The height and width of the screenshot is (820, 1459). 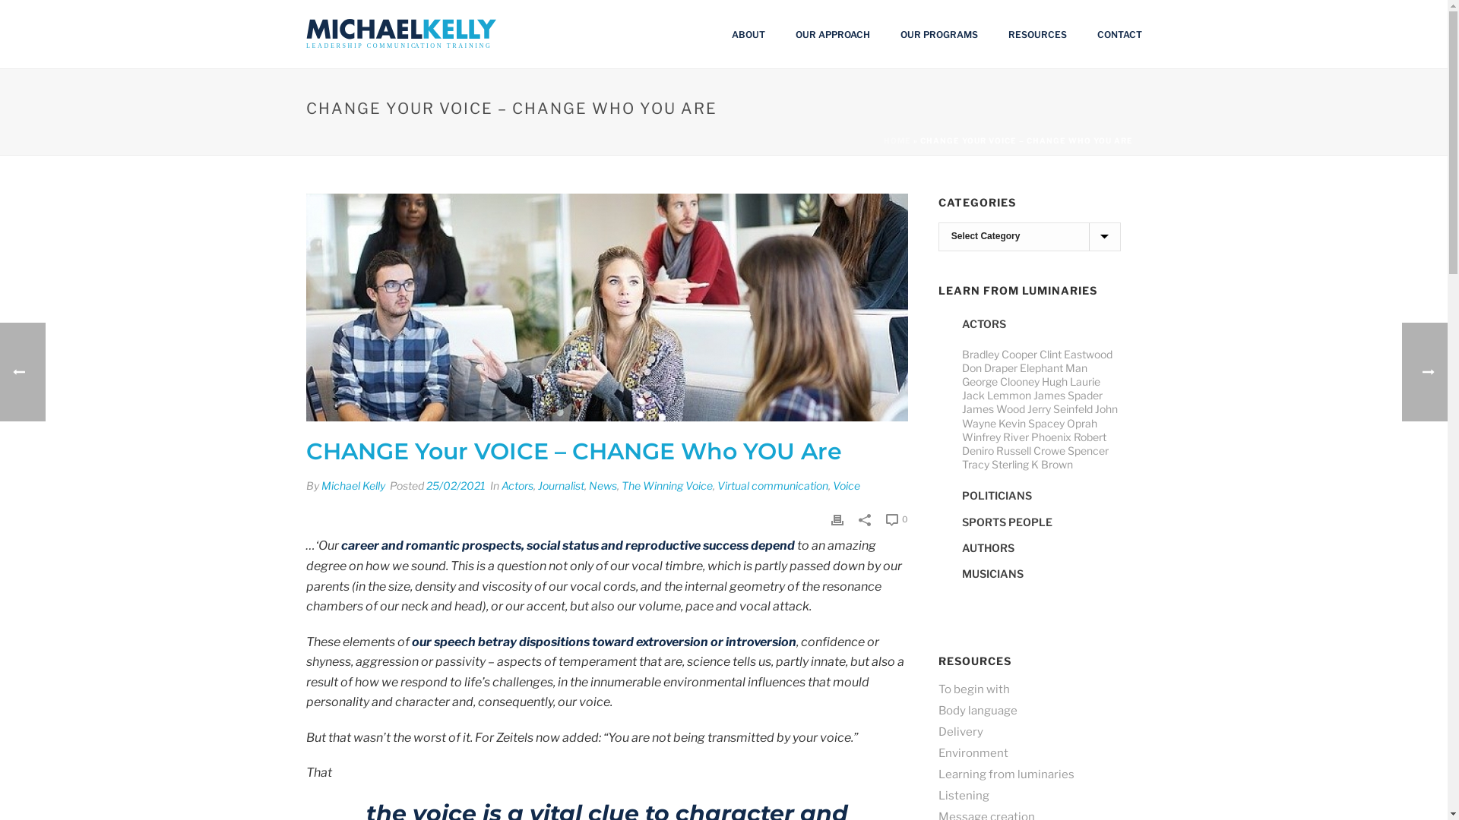 I want to click on 'To begin with', so click(x=937, y=689).